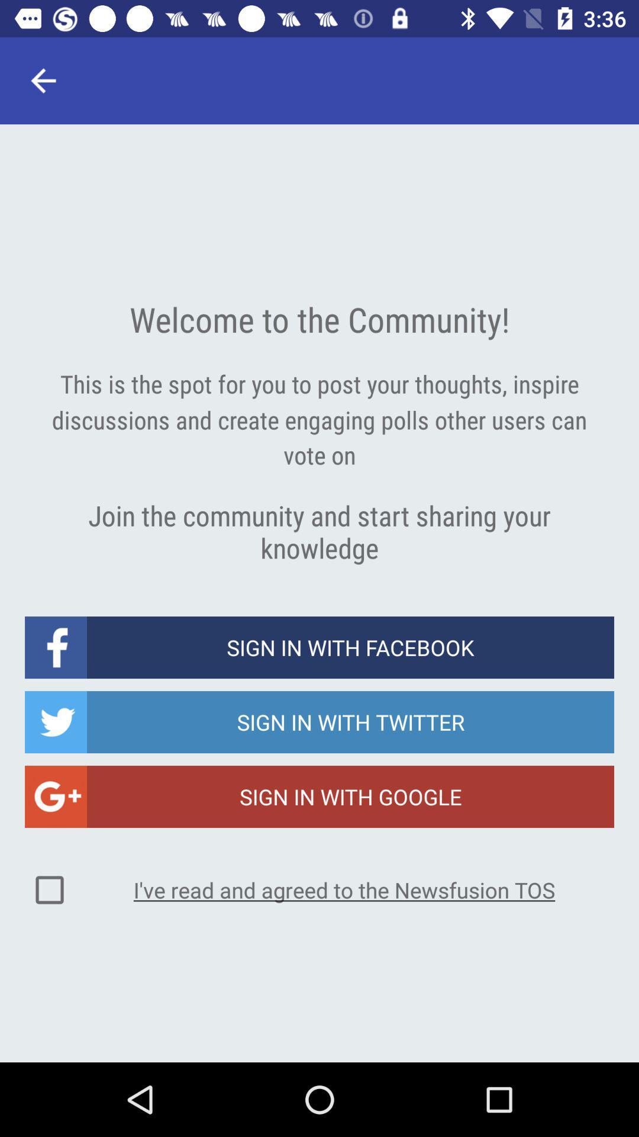 This screenshot has height=1137, width=639. Describe the element at coordinates (344, 889) in the screenshot. I see `the i ve read` at that location.